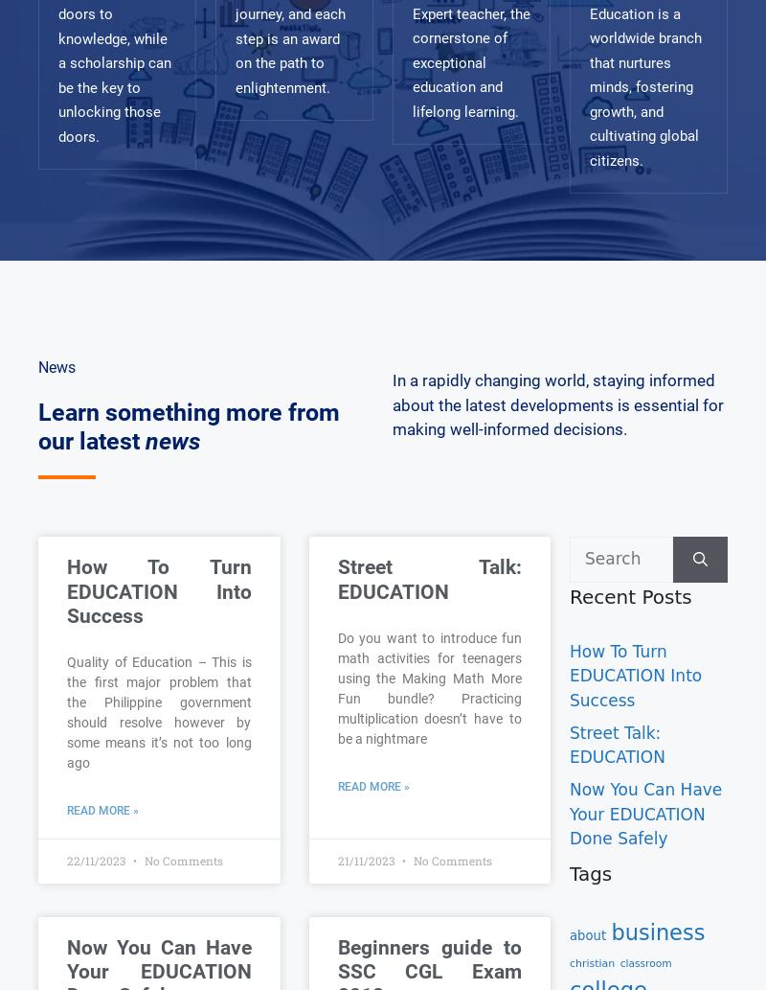  Describe the element at coordinates (645, 86) in the screenshot. I see `'Education is a worldwide branch that nurtures minds, fostering growth, and cultivating global citizens.'` at that location.